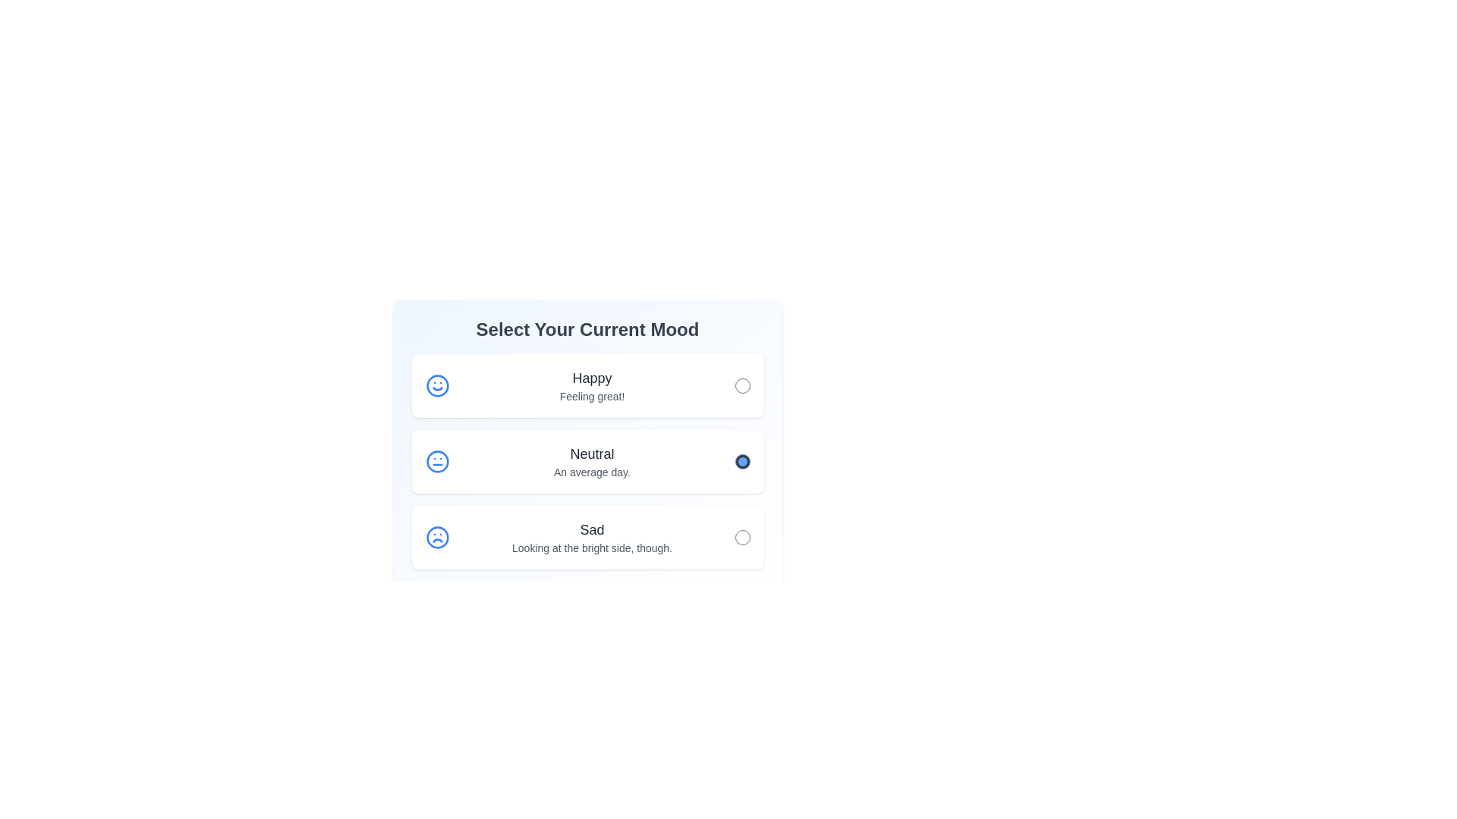  Describe the element at coordinates (587, 461) in the screenshot. I see `the 'Neutral' mood selection option with an associated radio button, which includes a neutral face icon and is positioned as the second option in the mood selections list` at that location.